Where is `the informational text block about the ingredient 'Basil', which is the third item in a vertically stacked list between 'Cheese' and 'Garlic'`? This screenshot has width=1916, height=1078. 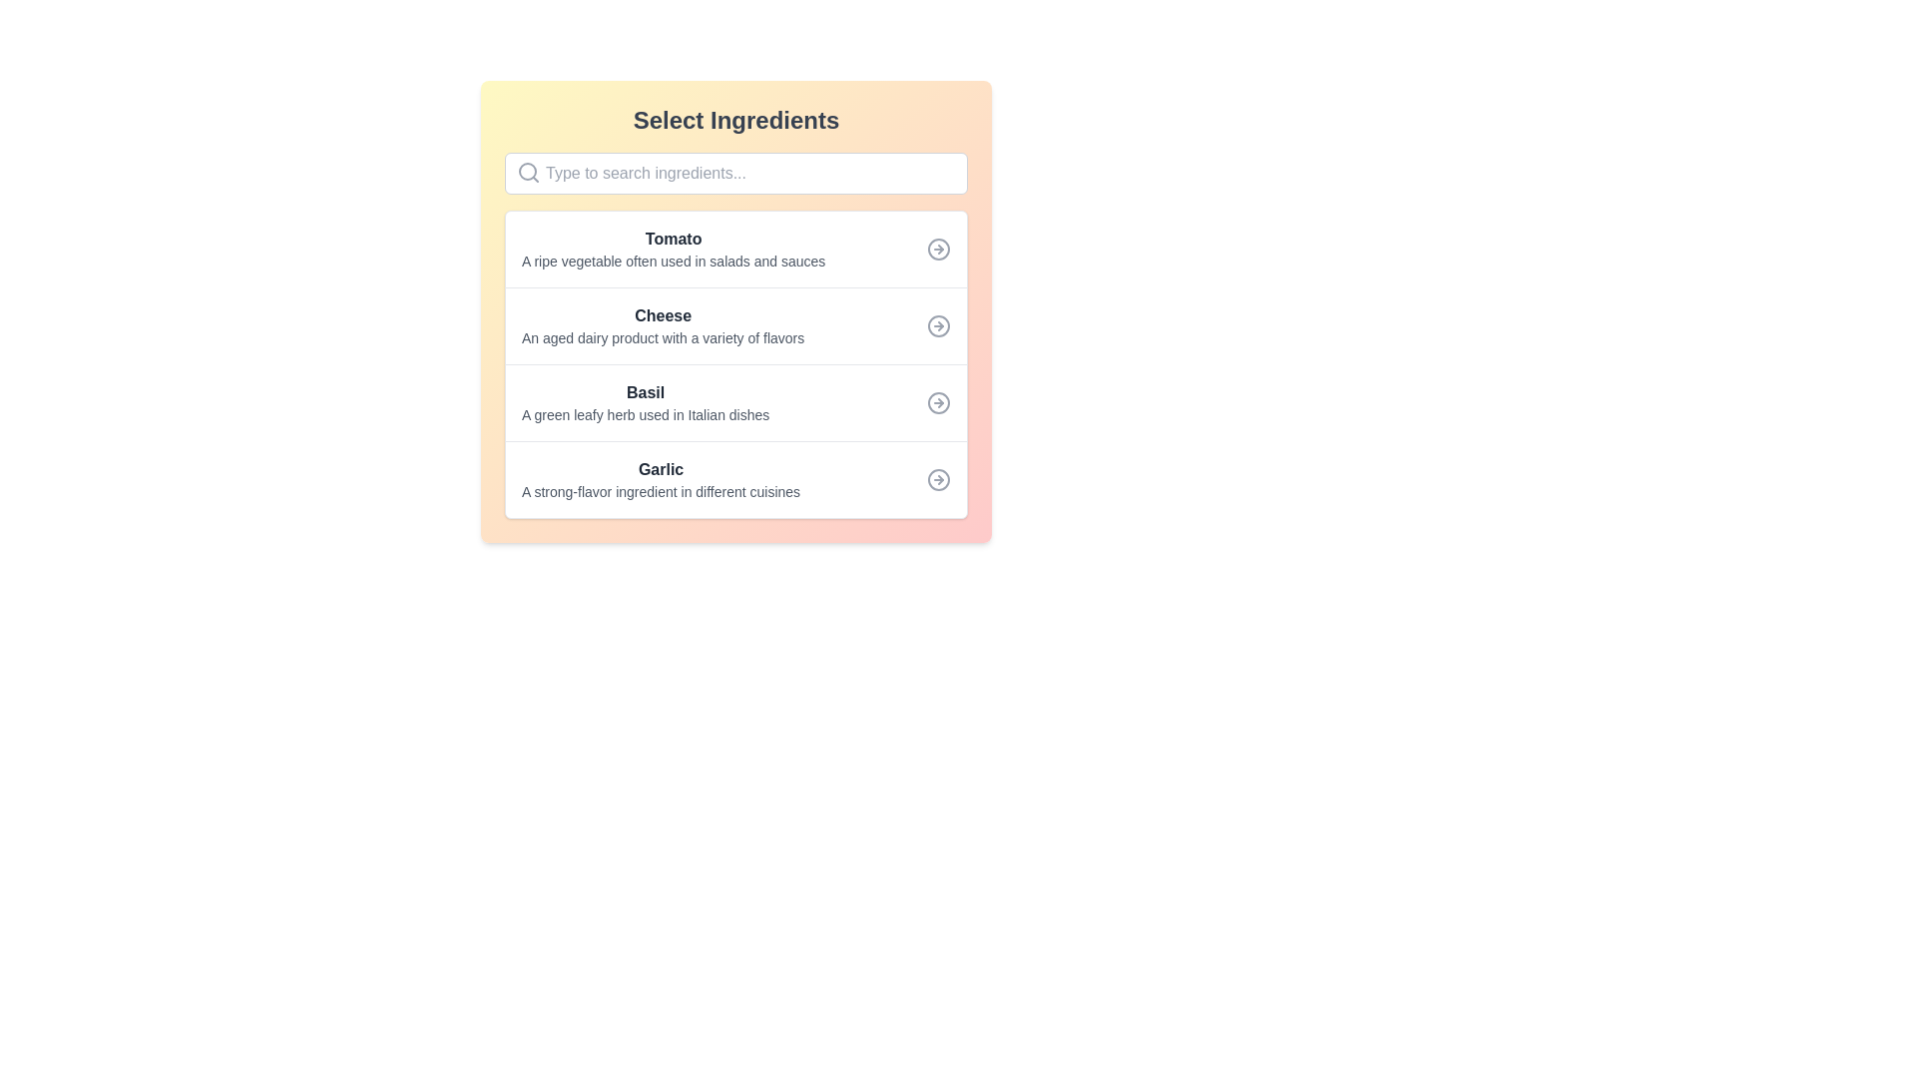 the informational text block about the ingredient 'Basil', which is the third item in a vertically stacked list between 'Cheese' and 'Garlic' is located at coordinates (646, 403).